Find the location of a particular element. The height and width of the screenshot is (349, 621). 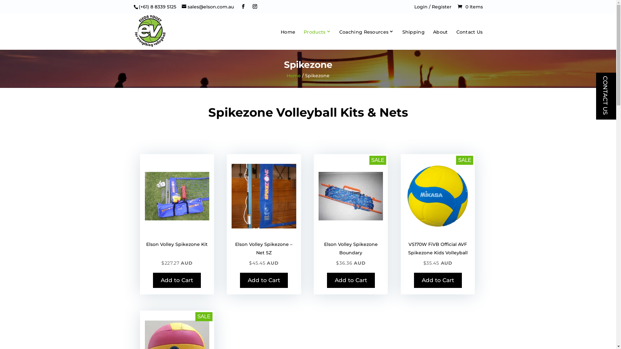

'Add to Cart' is located at coordinates (327, 280).